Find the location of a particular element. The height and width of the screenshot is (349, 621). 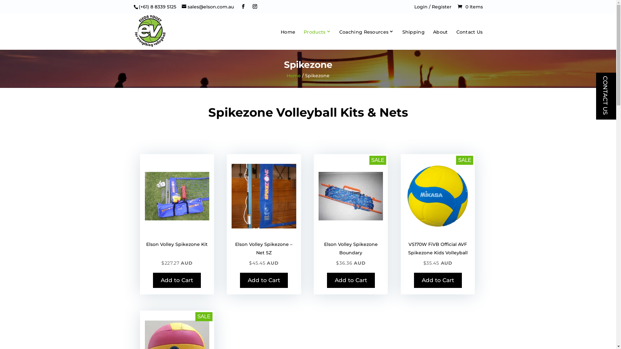

'Add to Cart' is located at coordinates (327, 280).